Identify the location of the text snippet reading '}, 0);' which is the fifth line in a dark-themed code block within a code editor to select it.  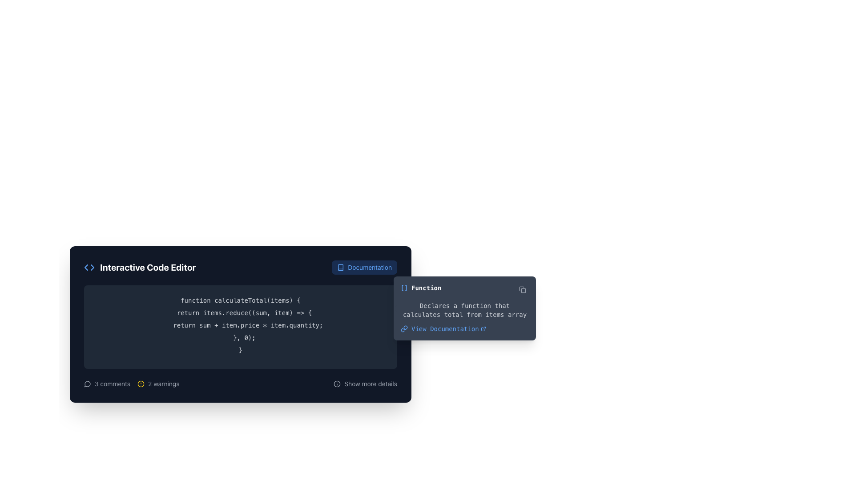
(241, 337).